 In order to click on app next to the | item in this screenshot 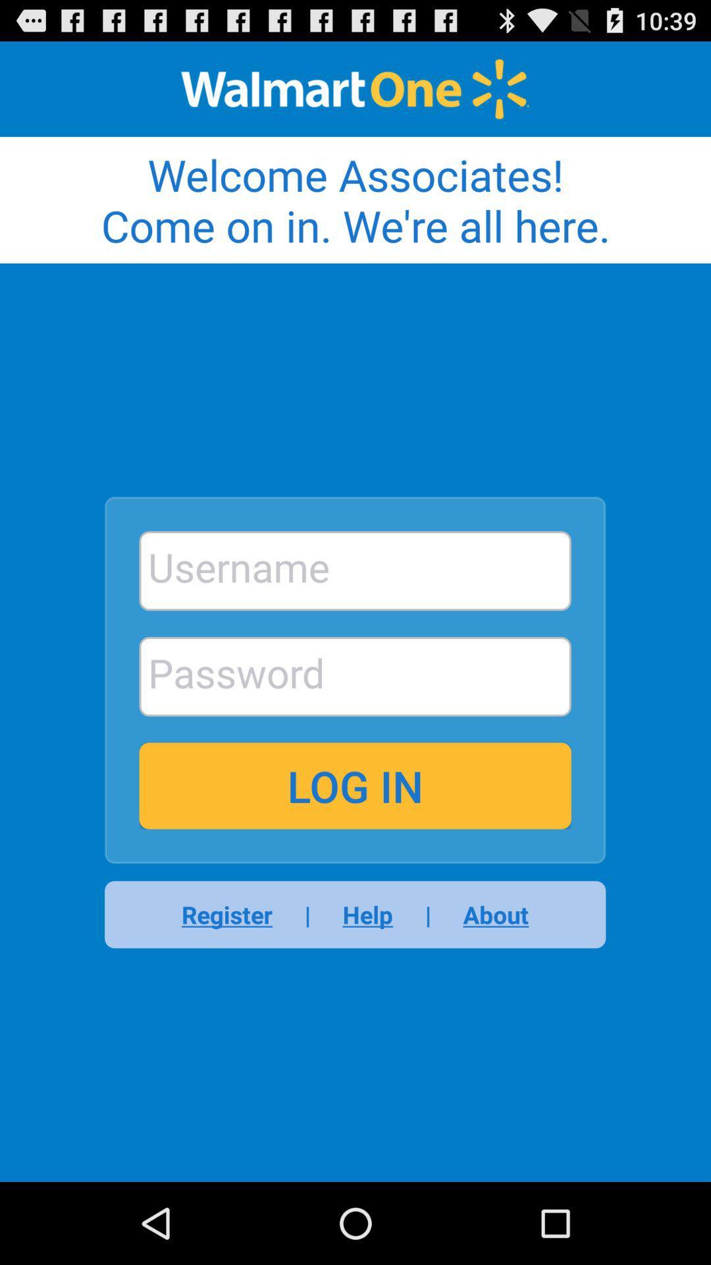, I will do `click(367, 914)`.